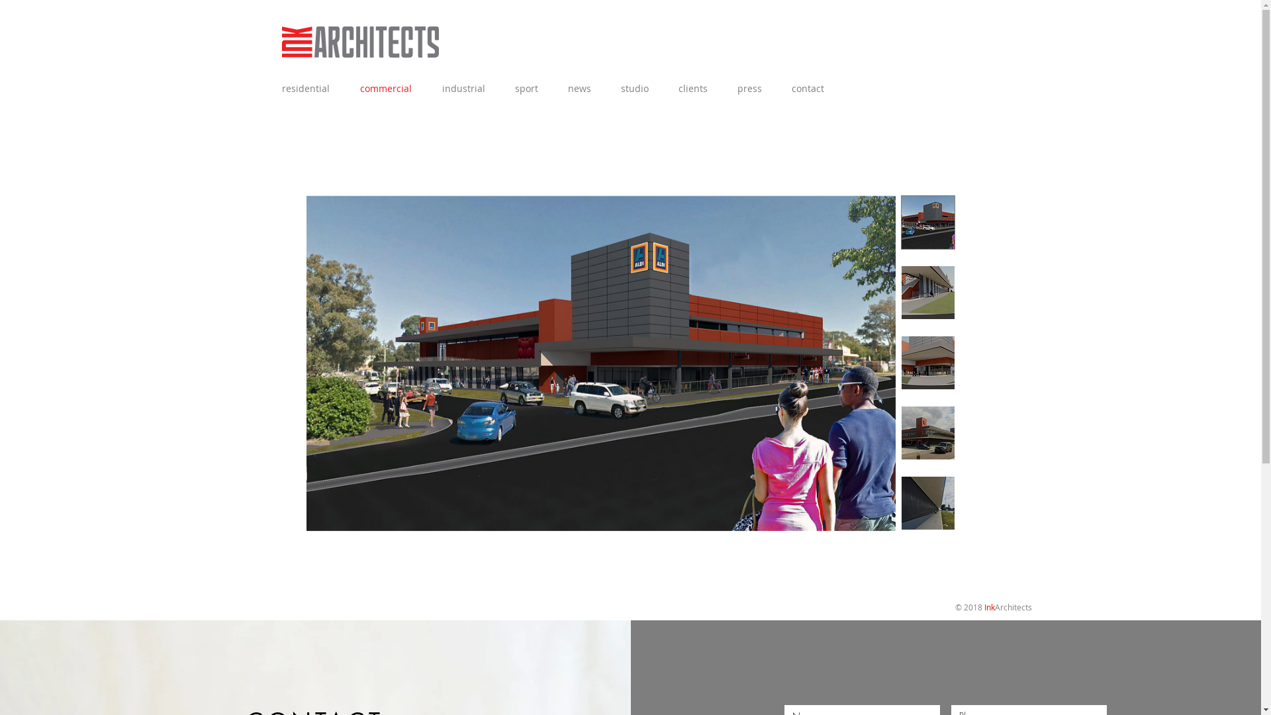 The image size is (1271, 715). I want to click on 'contact', so click(811, 88).